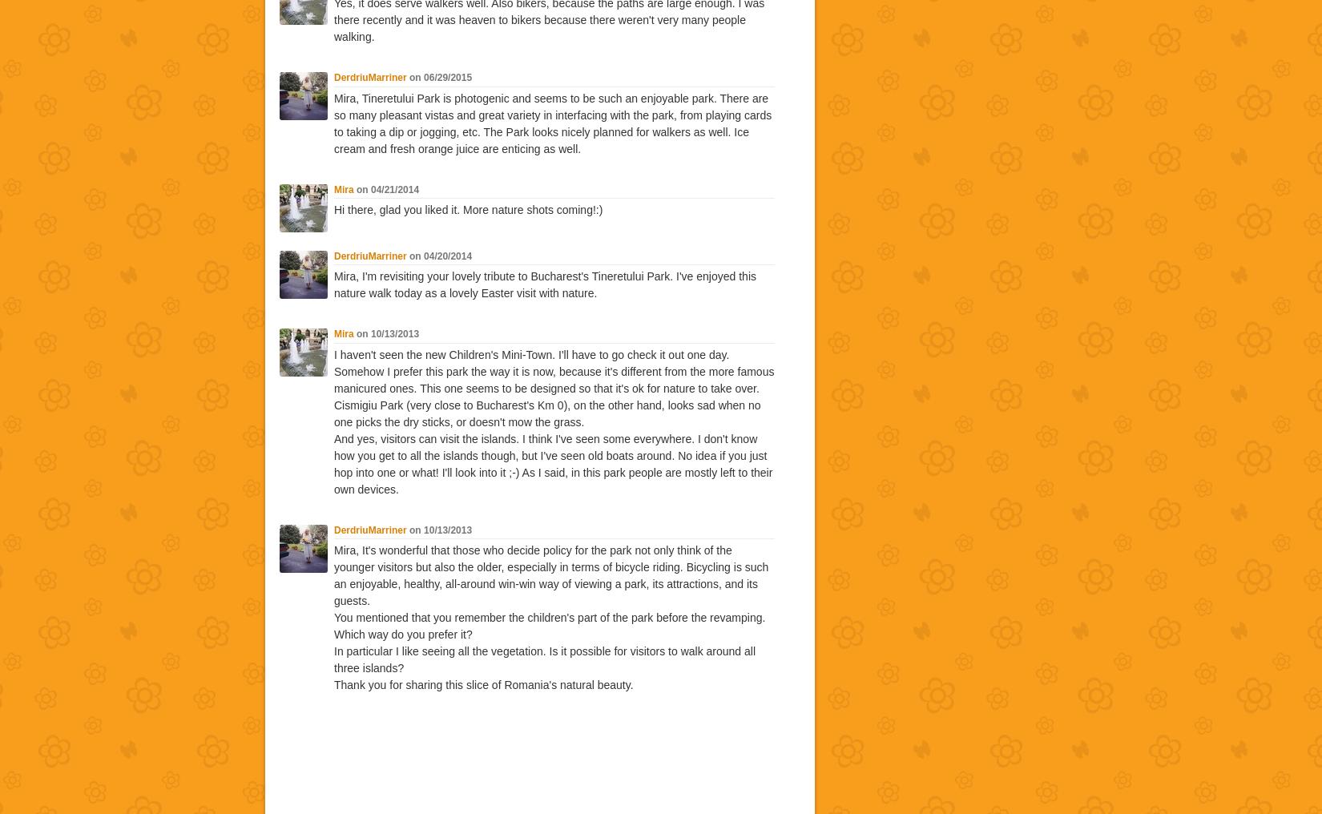  What do you see at coordinates (482, 684) in the screenshot?
I see `'Thank you for sharing this slice of Romania's natural beauty.'` at bounding box center [482, 684].